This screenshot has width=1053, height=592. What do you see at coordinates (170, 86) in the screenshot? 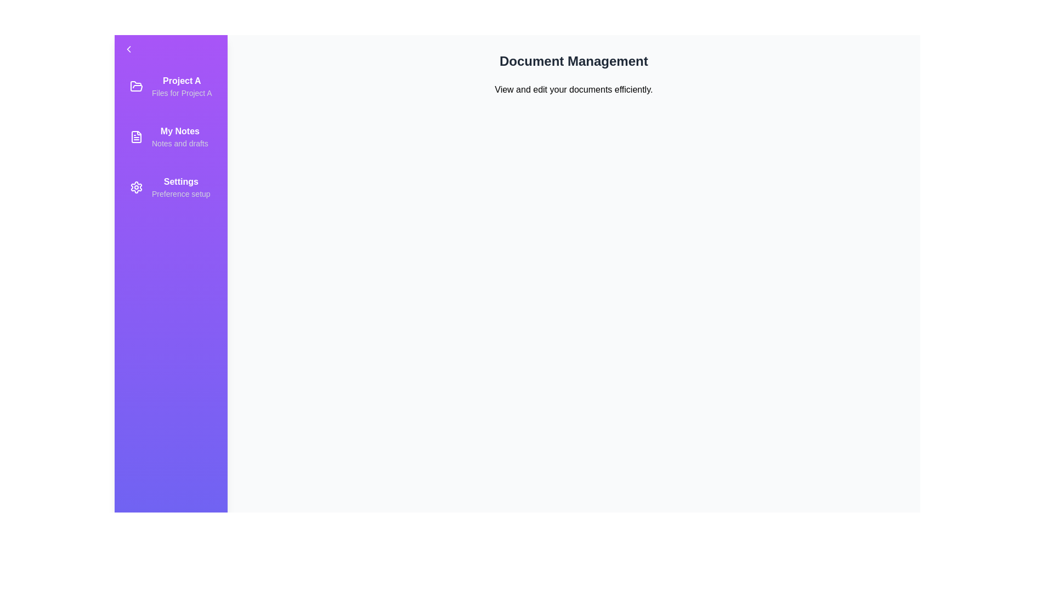
I see `the item Project A to trigger its hover effect` at bounding box center [170, 86].